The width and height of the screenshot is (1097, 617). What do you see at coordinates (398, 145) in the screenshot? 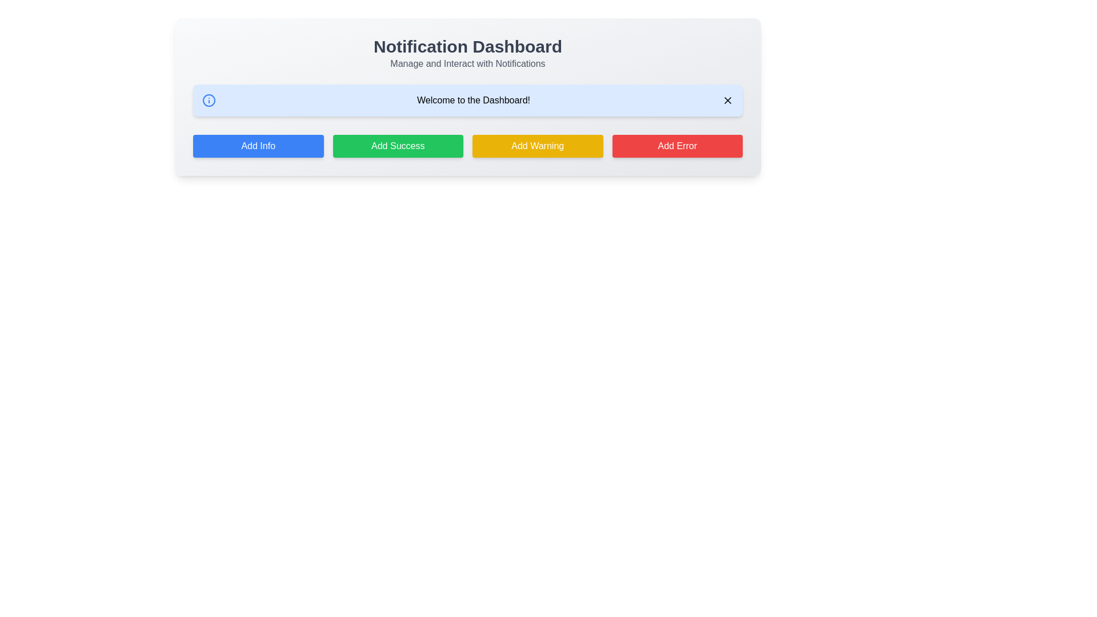
I see `the green 'Add Success' button, which is the second button in a row of four, featuring rounded corners and white text` at bounding box center [398, 145].